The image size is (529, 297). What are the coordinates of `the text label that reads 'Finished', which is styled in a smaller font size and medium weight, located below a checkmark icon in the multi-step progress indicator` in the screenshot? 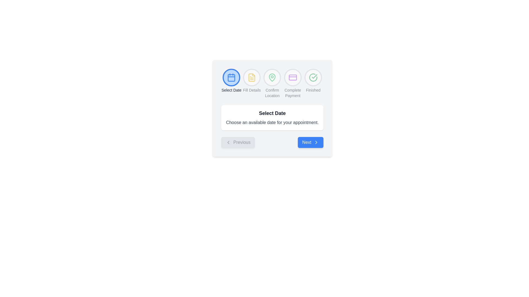 It's located at (313, 90).